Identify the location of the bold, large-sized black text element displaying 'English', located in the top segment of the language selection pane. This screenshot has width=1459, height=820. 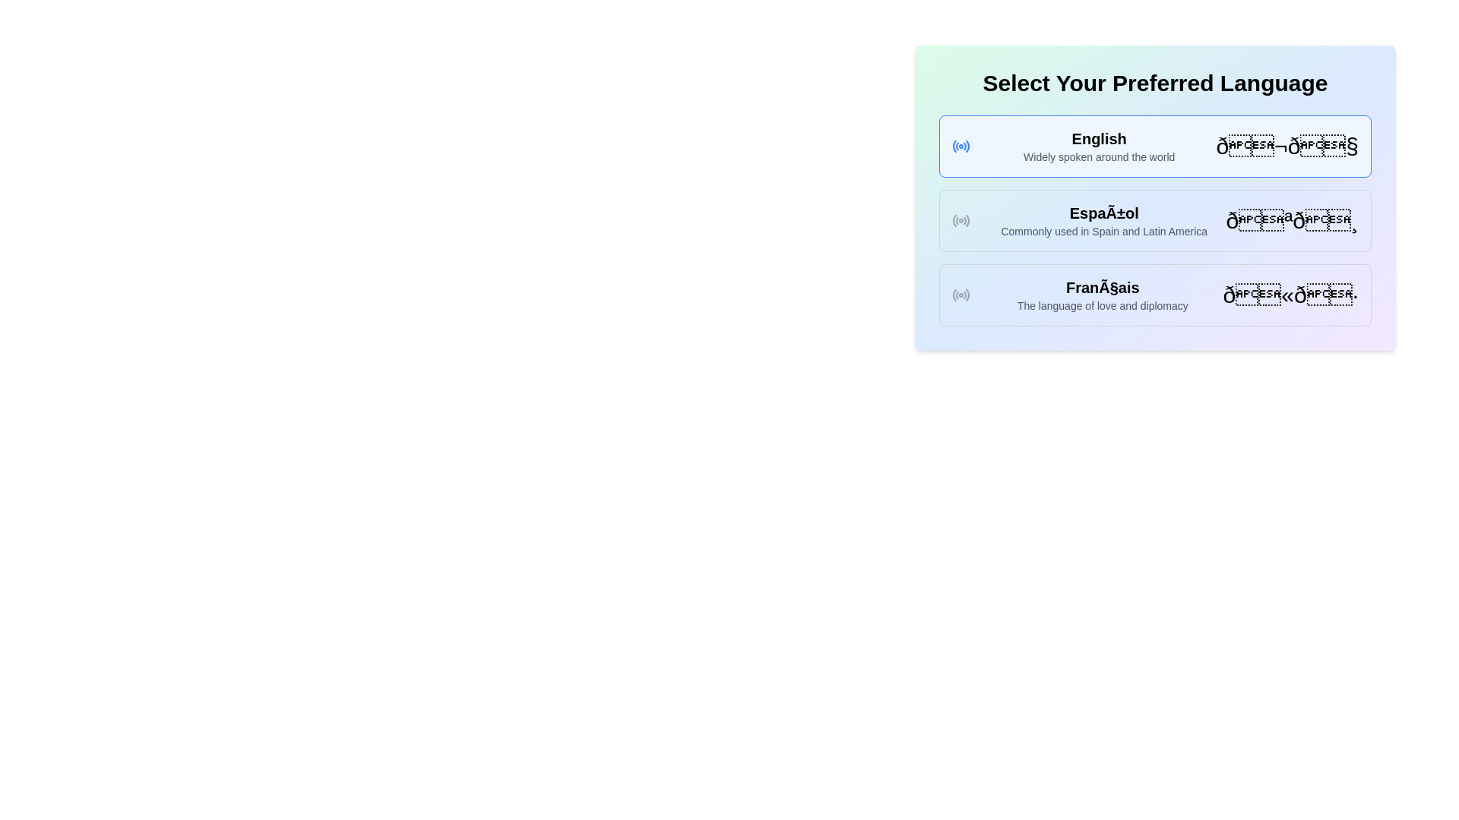
(1099, 138).